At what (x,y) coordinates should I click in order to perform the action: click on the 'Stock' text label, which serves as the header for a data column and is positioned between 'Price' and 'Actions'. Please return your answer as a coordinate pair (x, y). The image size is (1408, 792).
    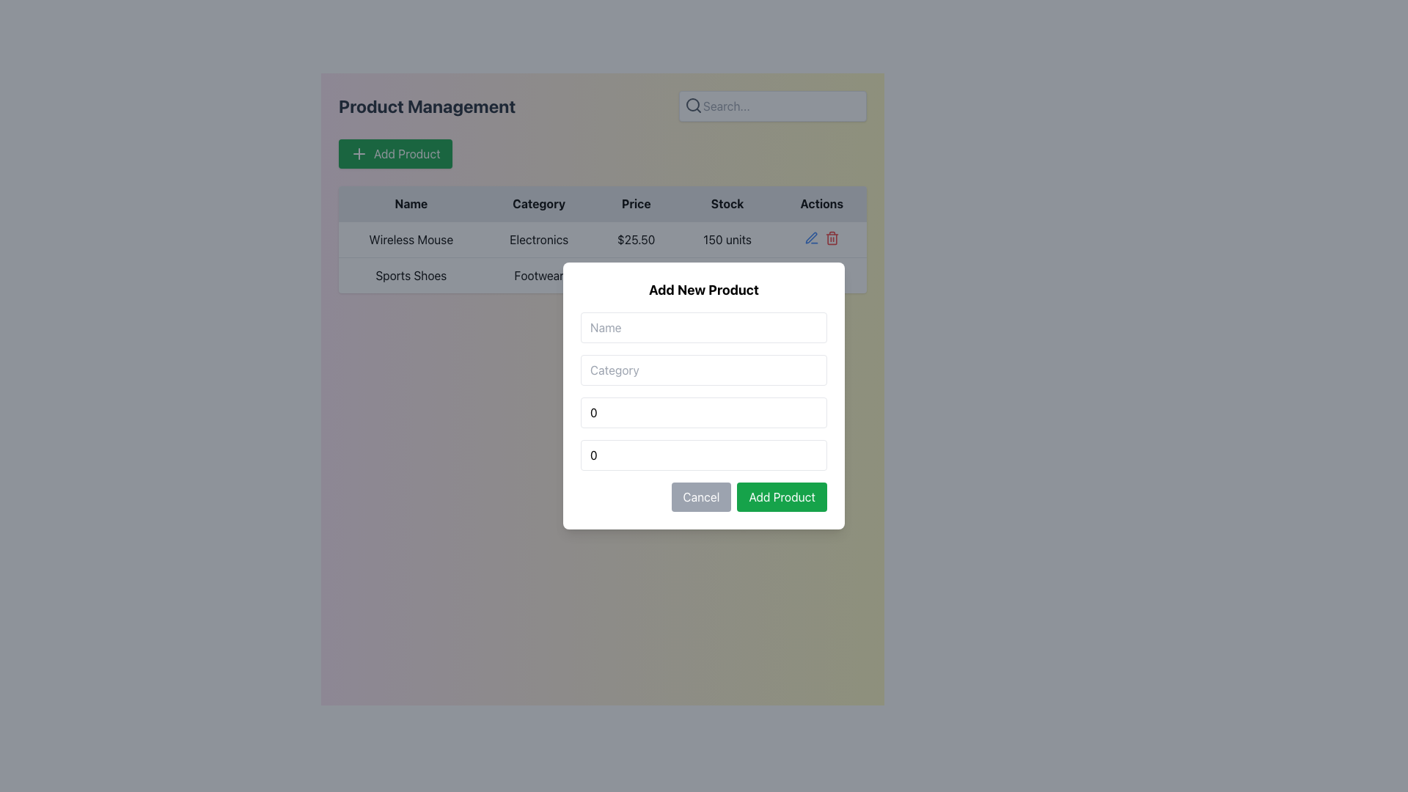
    Looking at the image, I should click on (727, 204).